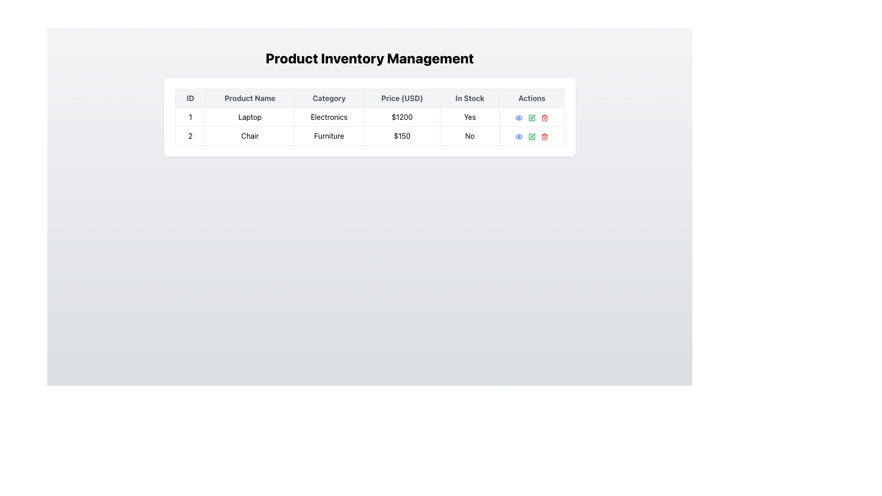 The image size is (882, 496). I want to click on the green pen icon button in the 'Actions' column of the second row, so click(531, 136).